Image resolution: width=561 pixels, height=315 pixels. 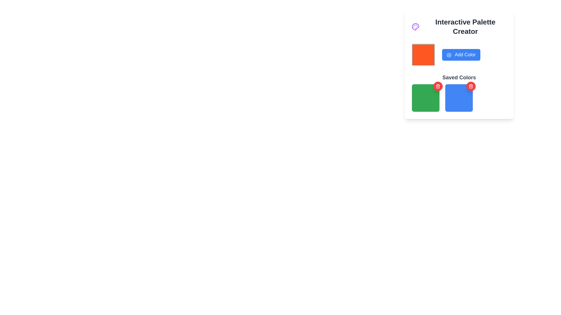 I want to click on the trash can icon button with a red circular background located at the upper-right corner of the blue block in the 'Saved Colors' section, so click(x=438, y=86).